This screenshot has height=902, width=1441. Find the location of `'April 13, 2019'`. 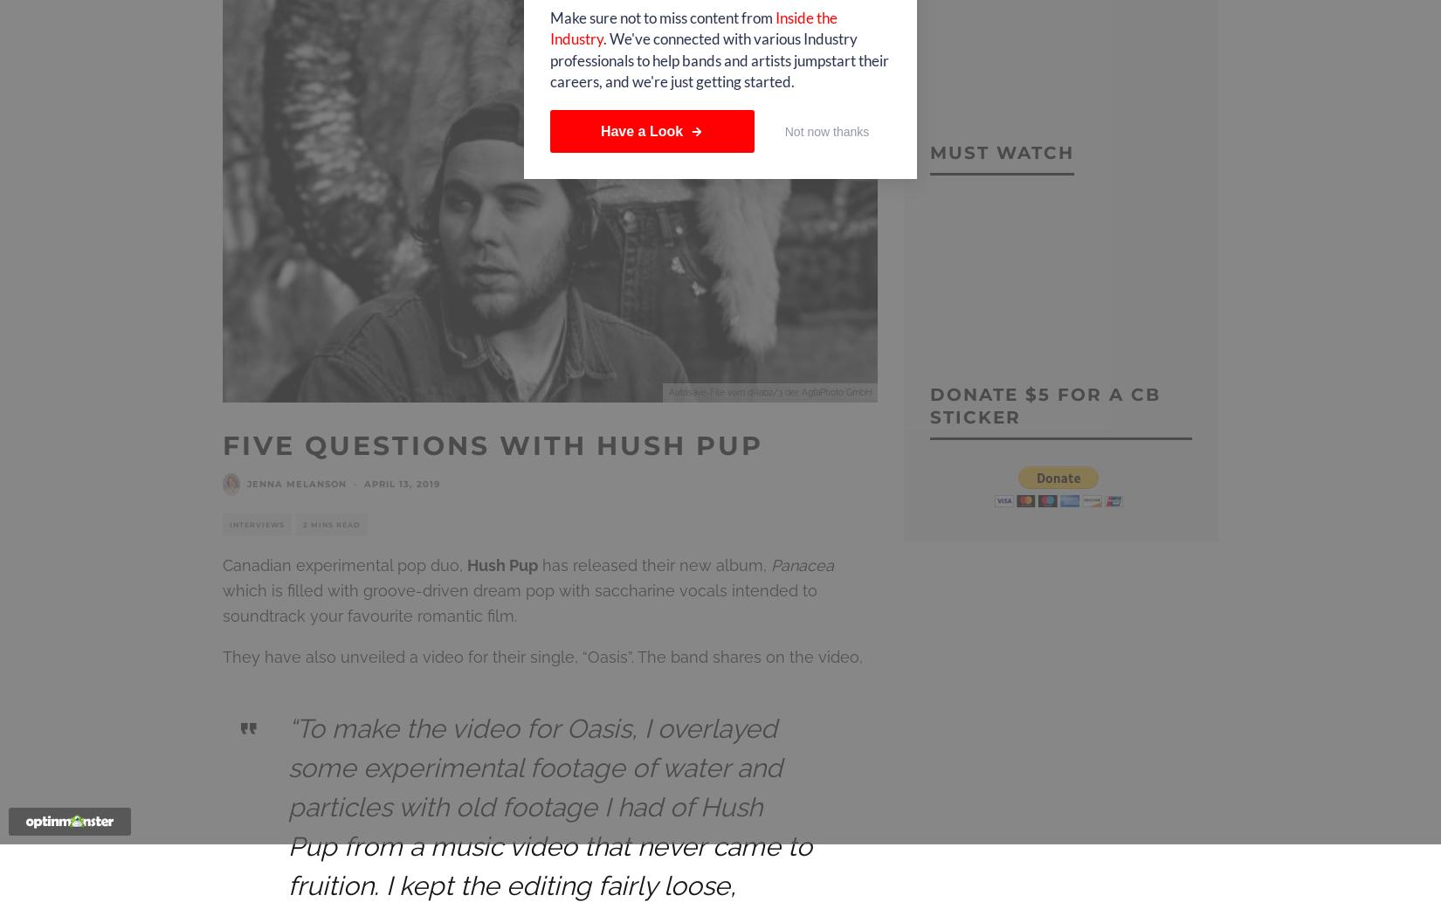

'April 13, 2019' is located at coordinates (401, 483).